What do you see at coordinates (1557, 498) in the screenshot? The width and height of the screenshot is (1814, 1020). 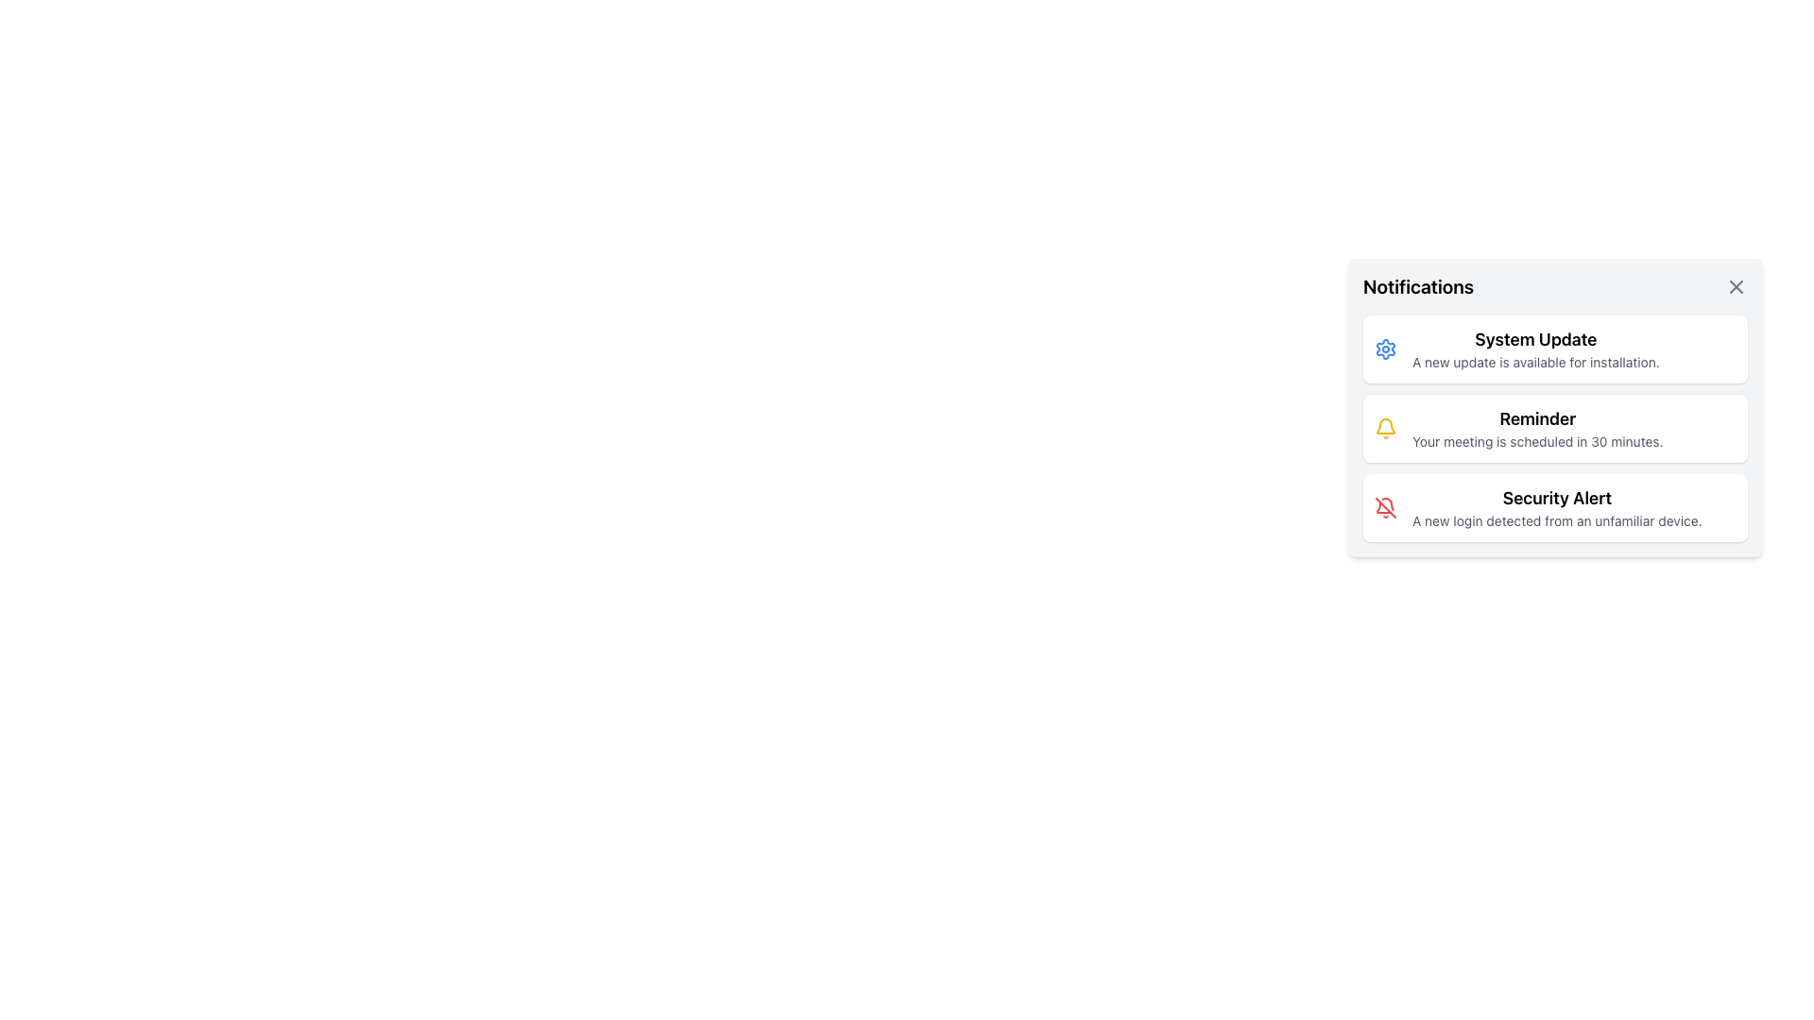 I see `text label that serves as the title of the third notification in the 'Notifications' card, indicating a new login from an unfamiliar device` at bounding box center [1557, 498].